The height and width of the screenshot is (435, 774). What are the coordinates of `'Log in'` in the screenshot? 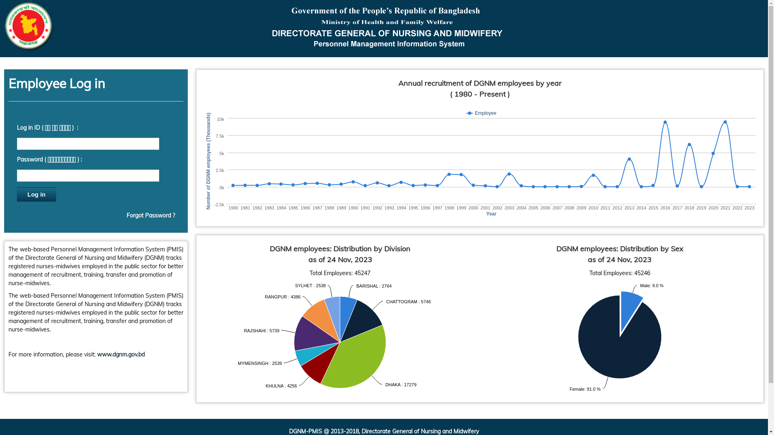 It's located at (17, 194).